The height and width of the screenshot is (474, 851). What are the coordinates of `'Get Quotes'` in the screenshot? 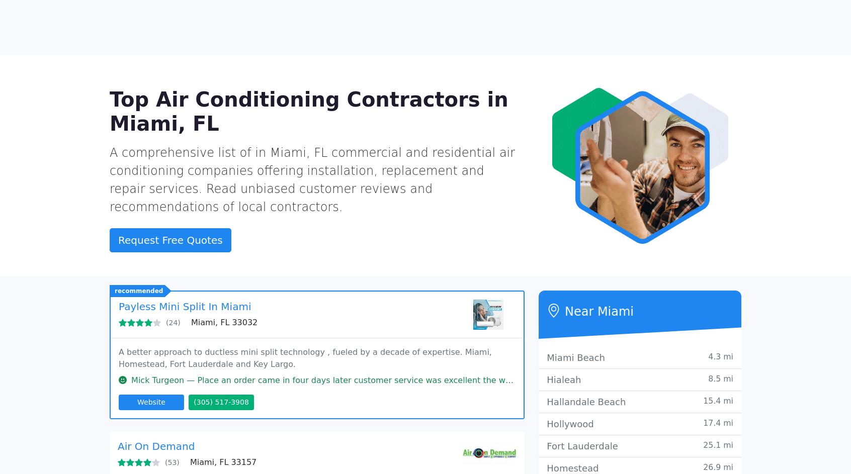 It's located at (606, 15).